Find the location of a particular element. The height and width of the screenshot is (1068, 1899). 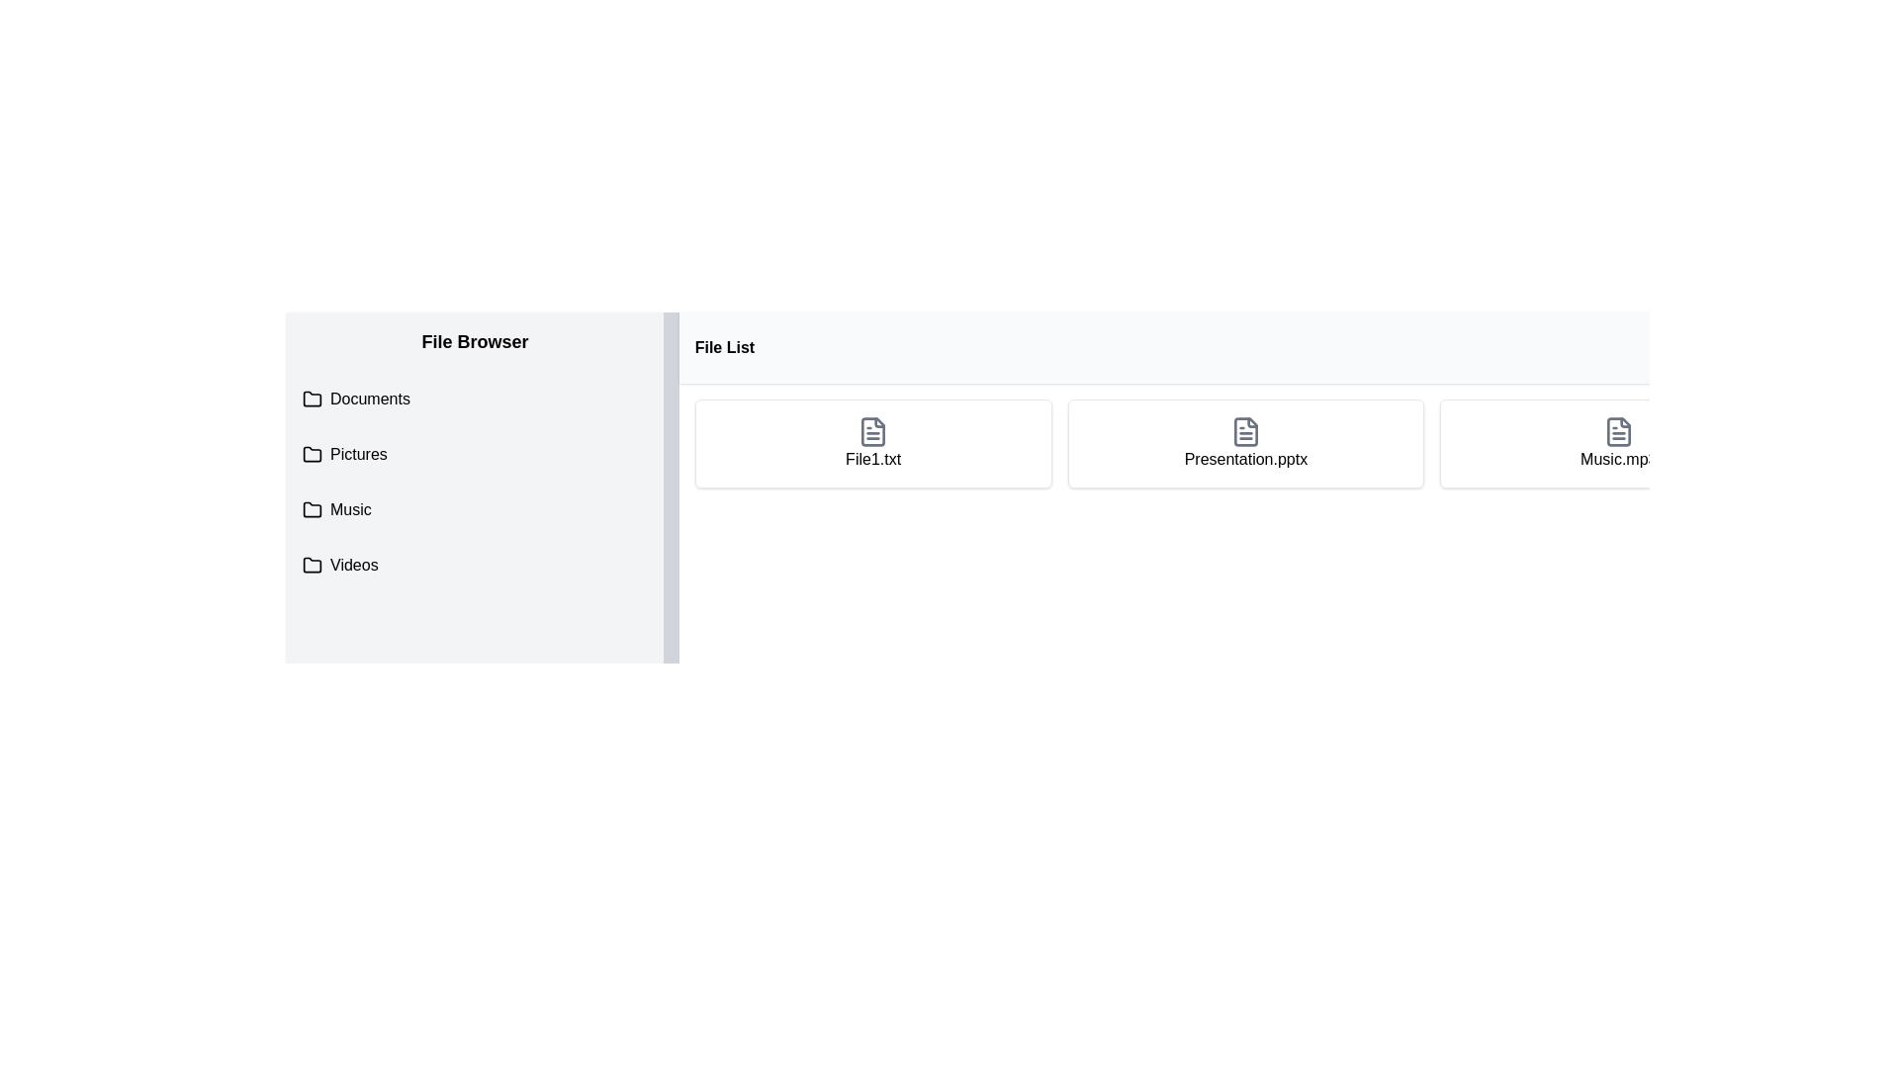

the central rectangle of the file icon that represents the body of a document, which is displayed in a gray tone and is positioned centrally within the icon is located at coordinates (1244, 430).